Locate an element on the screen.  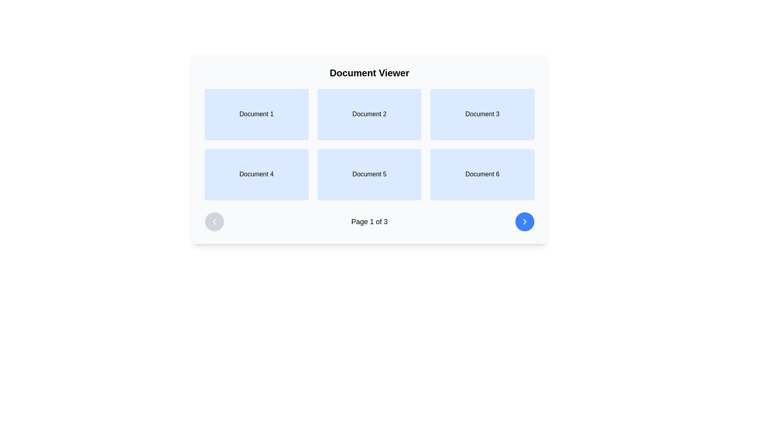
the middle card in the bottom row of the 3x2 grid layout that represents a document, which serves as a preview or navigational link to the document's details is located at coordinates (369, 174).